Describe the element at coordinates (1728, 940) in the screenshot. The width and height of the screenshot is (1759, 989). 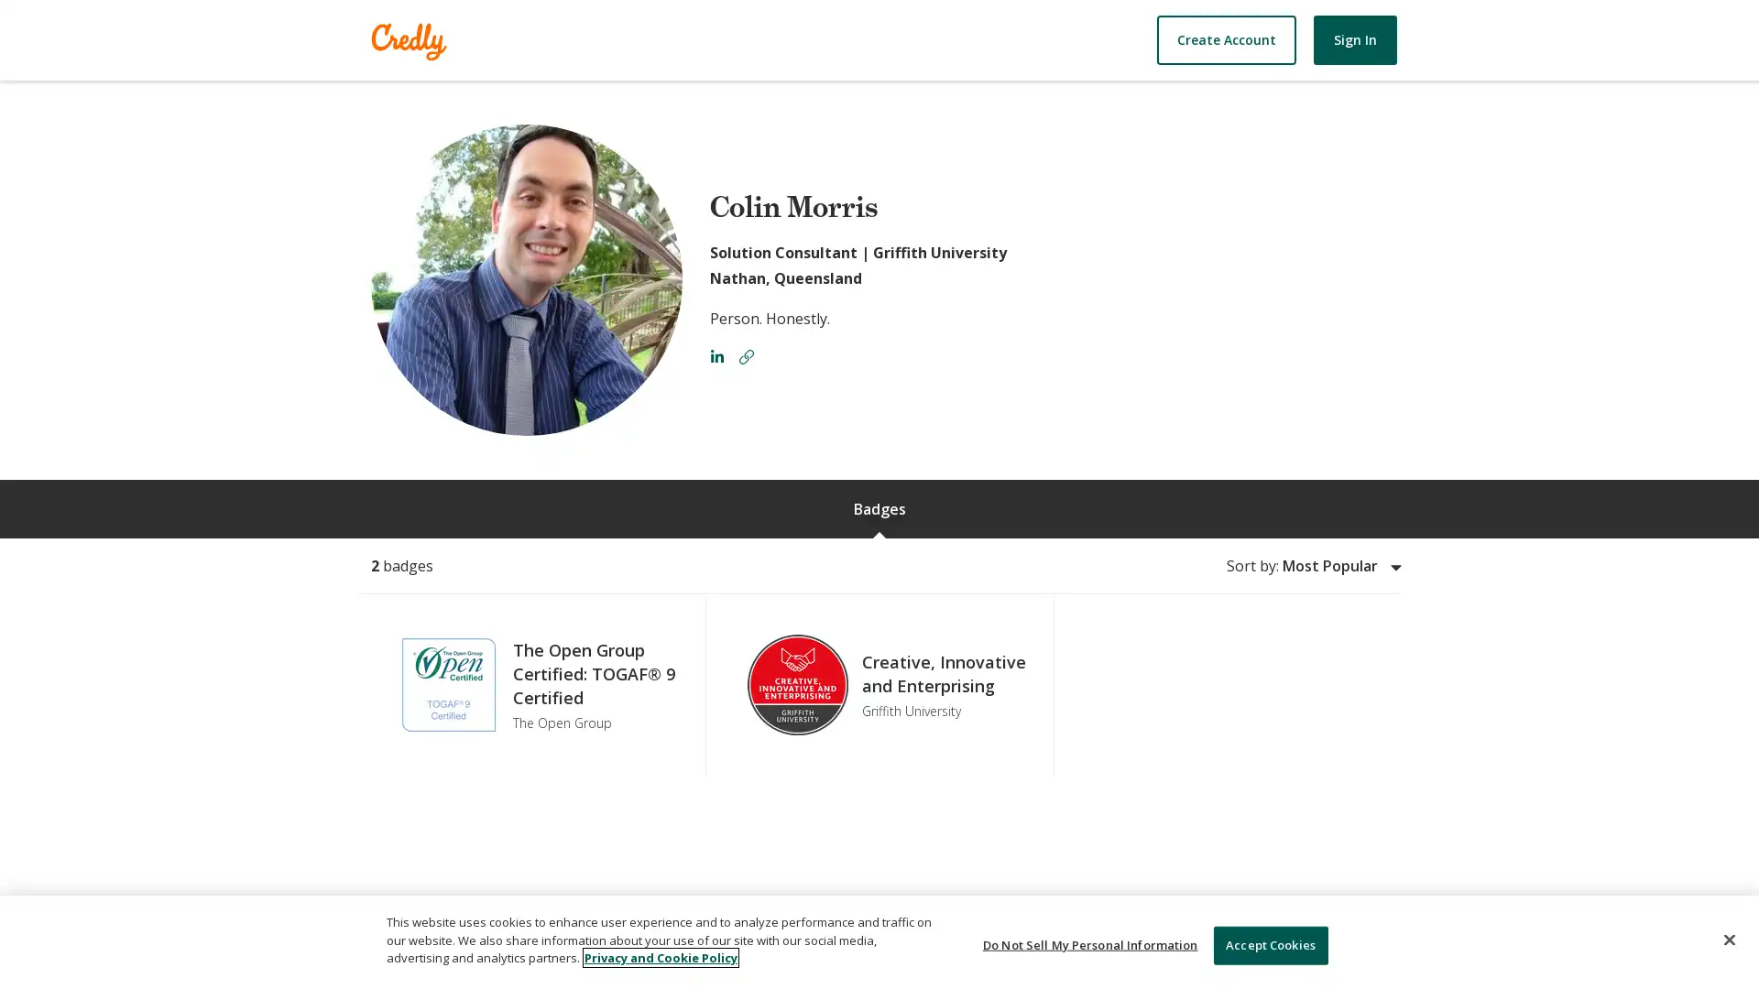
I see `Close` at that location.